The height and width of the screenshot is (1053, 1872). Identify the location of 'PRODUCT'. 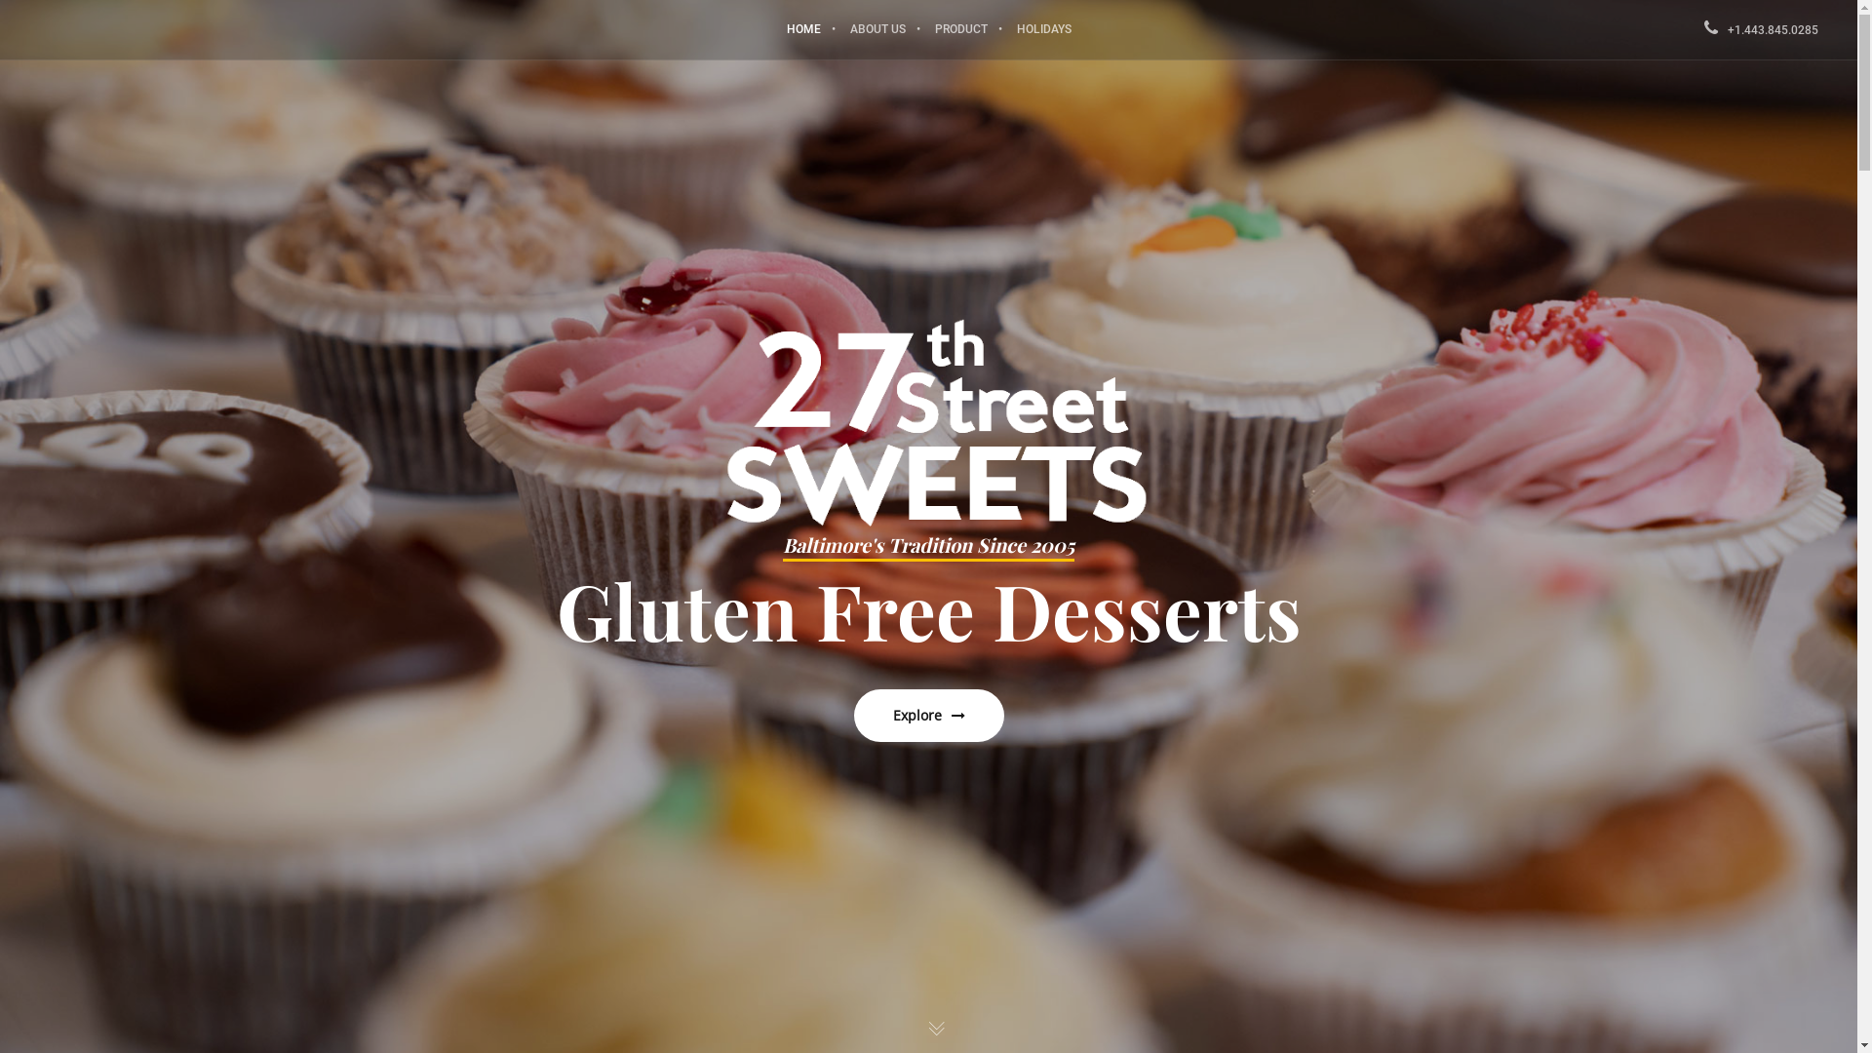
(919, 29).